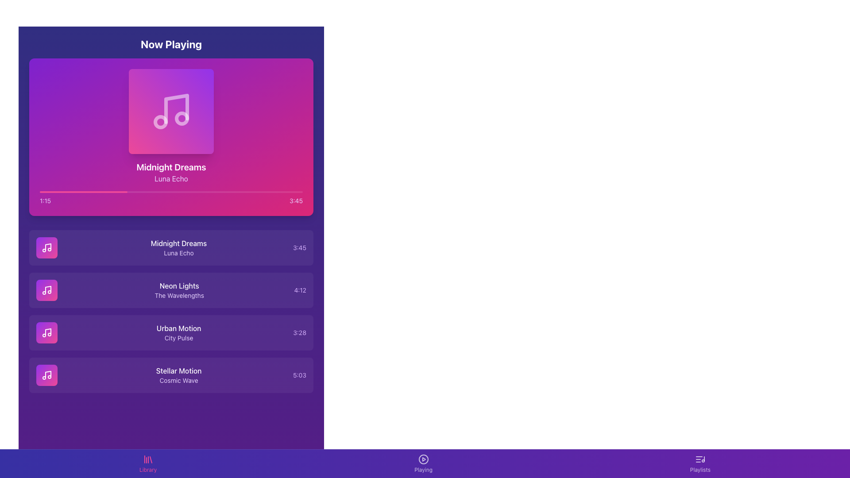  I want to click on the playback progress, so click(279, 192).